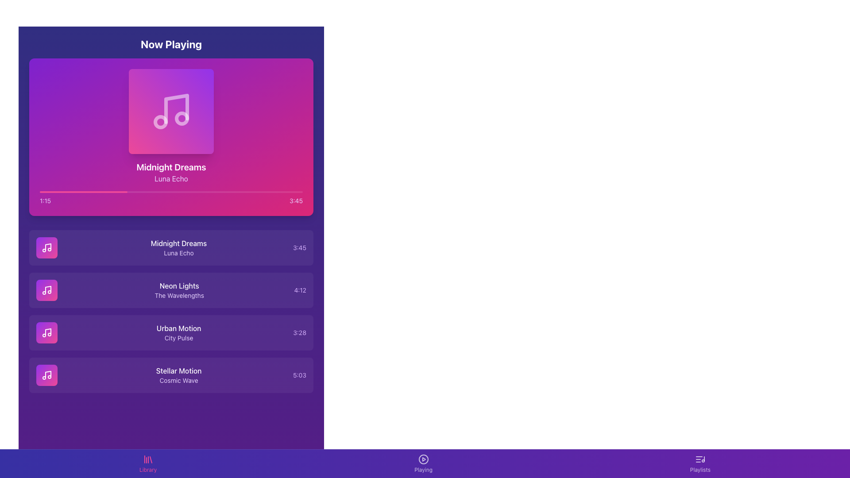  I want to click on the playback progress, so click(279, 192).